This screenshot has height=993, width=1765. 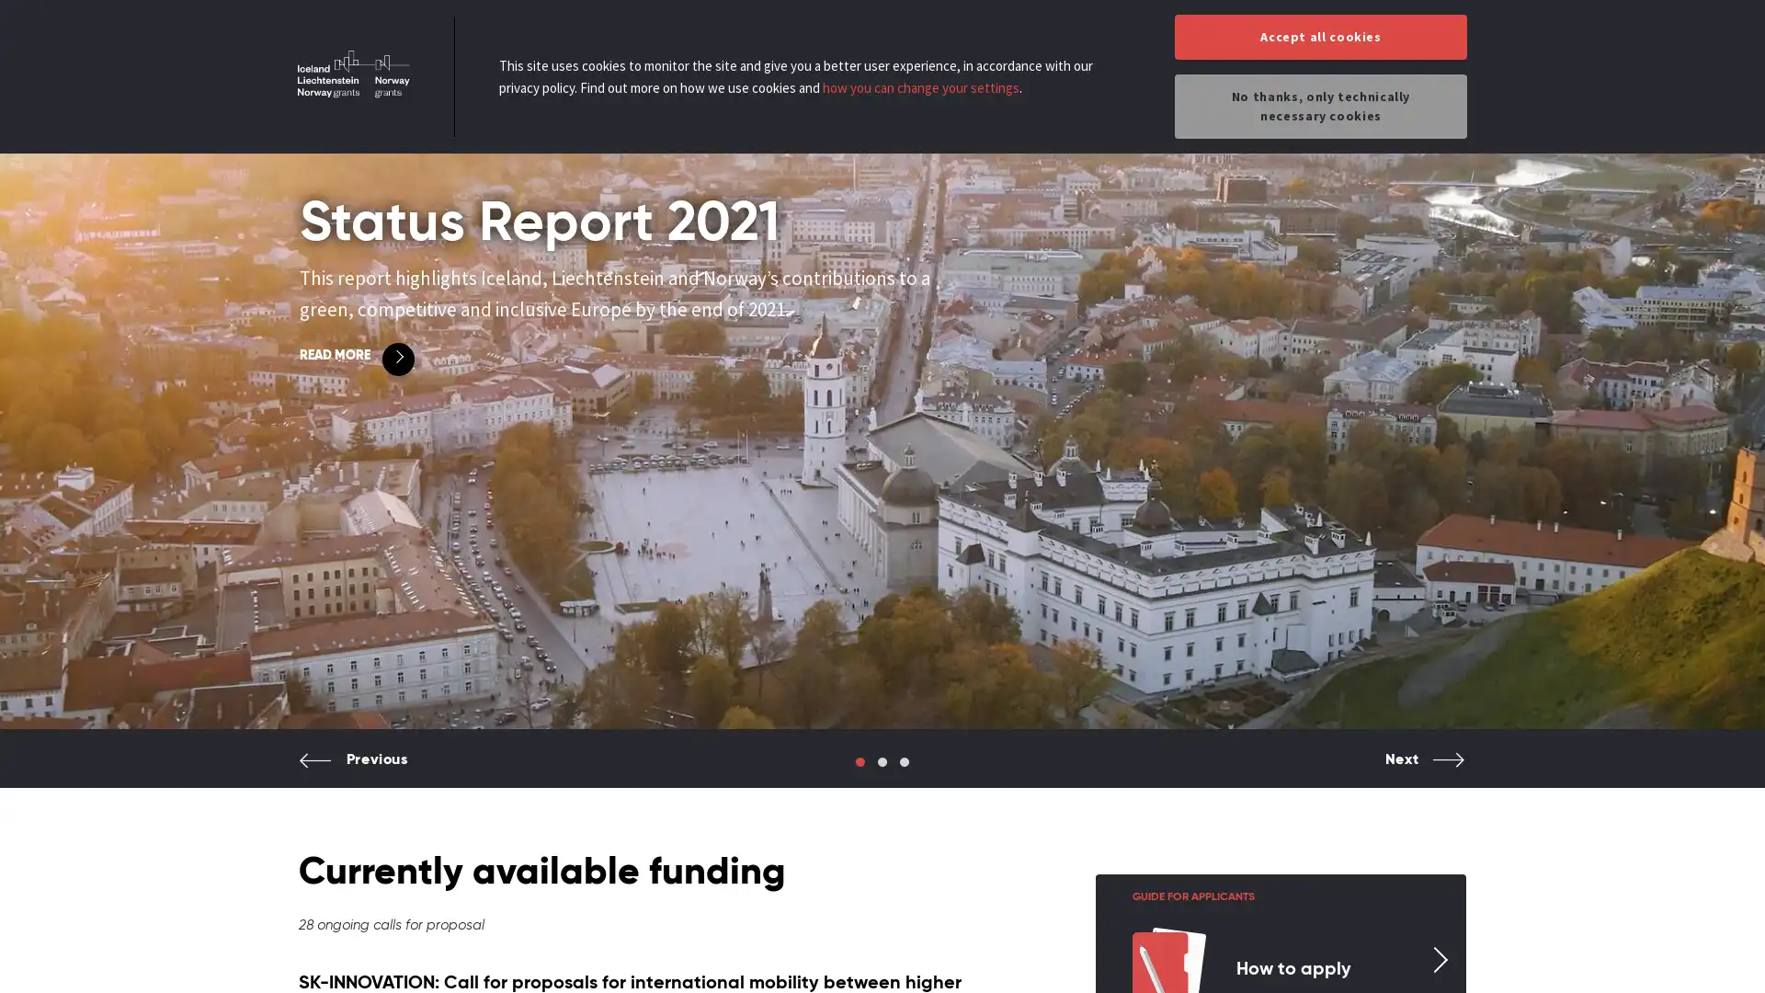 I want to click on No thanks, only technically necessary cookies, so click(x=1319, y=106).